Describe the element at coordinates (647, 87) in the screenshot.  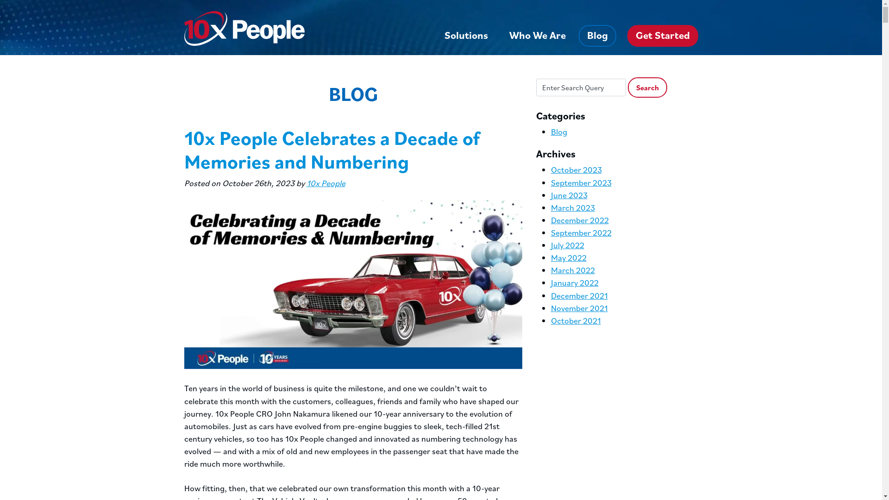
I see `'Search'` at that location.